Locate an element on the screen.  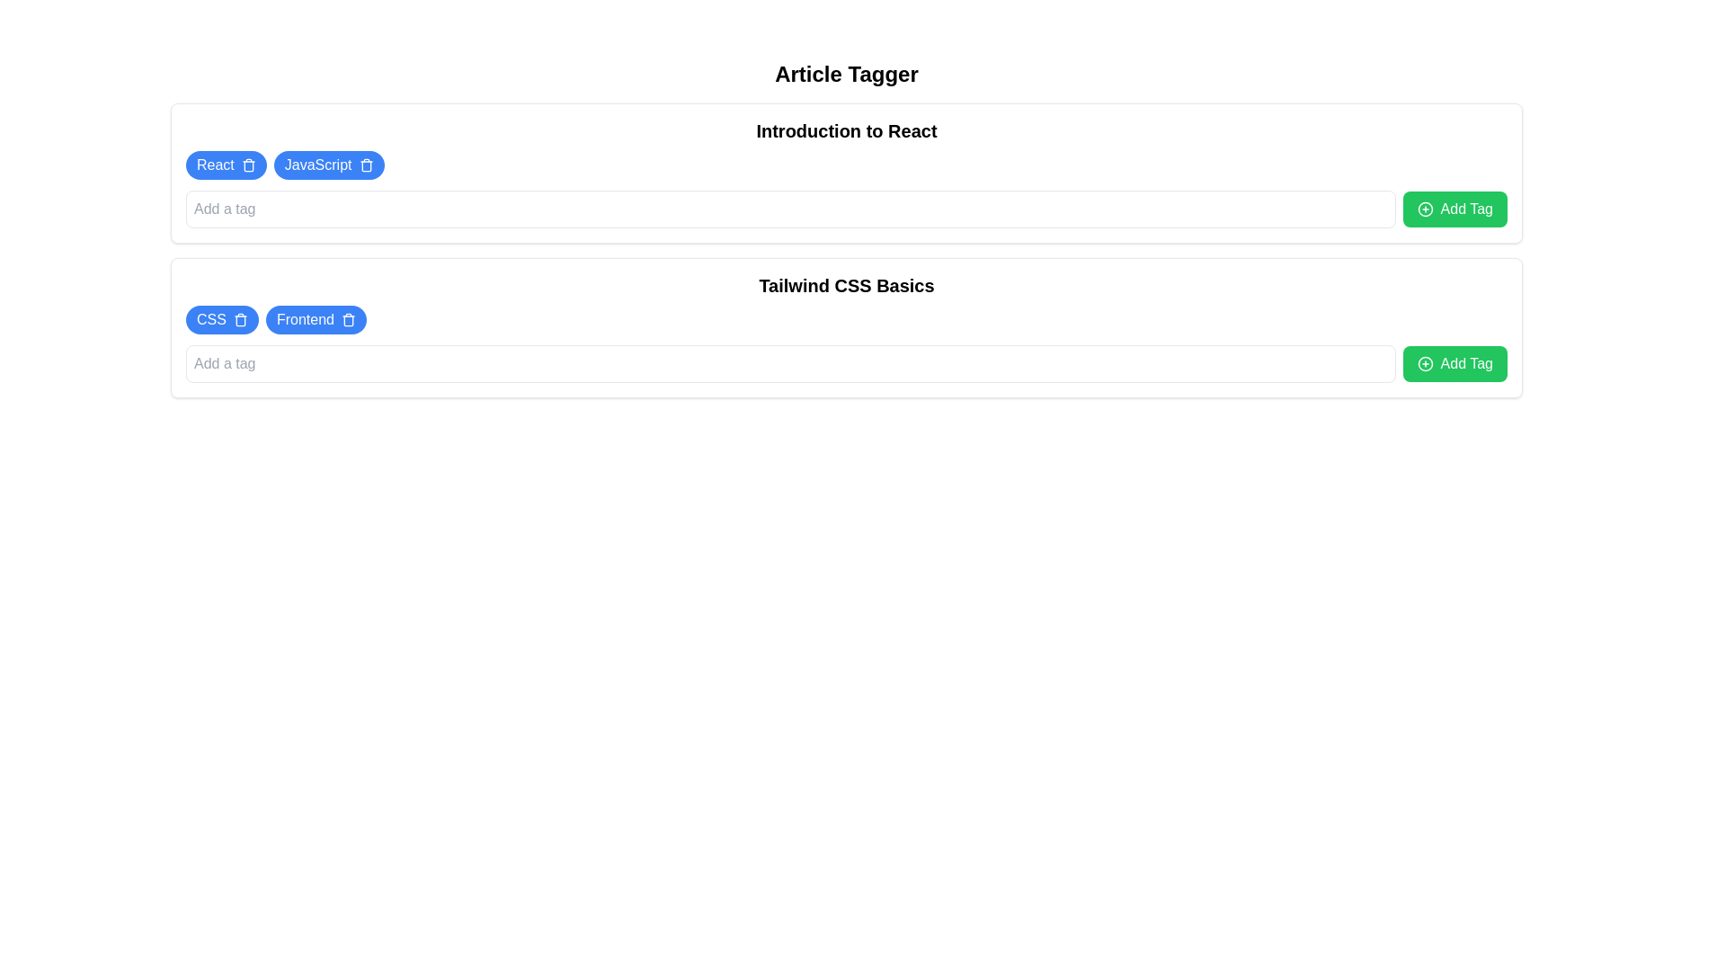
the trash icon button within the blue rounded tag labeled 'Frontend' is located at coordinates (349, 318).